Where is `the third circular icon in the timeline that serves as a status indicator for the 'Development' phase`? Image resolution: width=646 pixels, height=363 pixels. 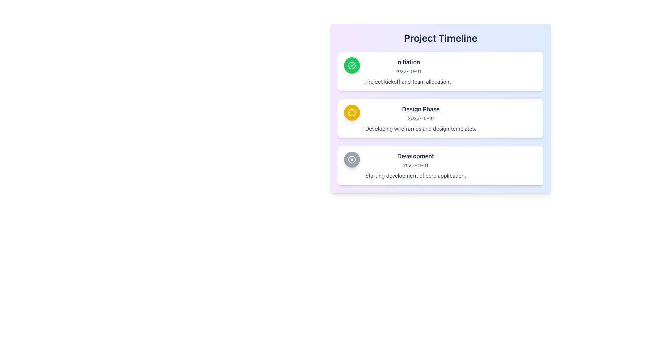 the third circular icon in the timeline that serves as a status indicator for the 'Development' phase is located at coordinates (352, 159).